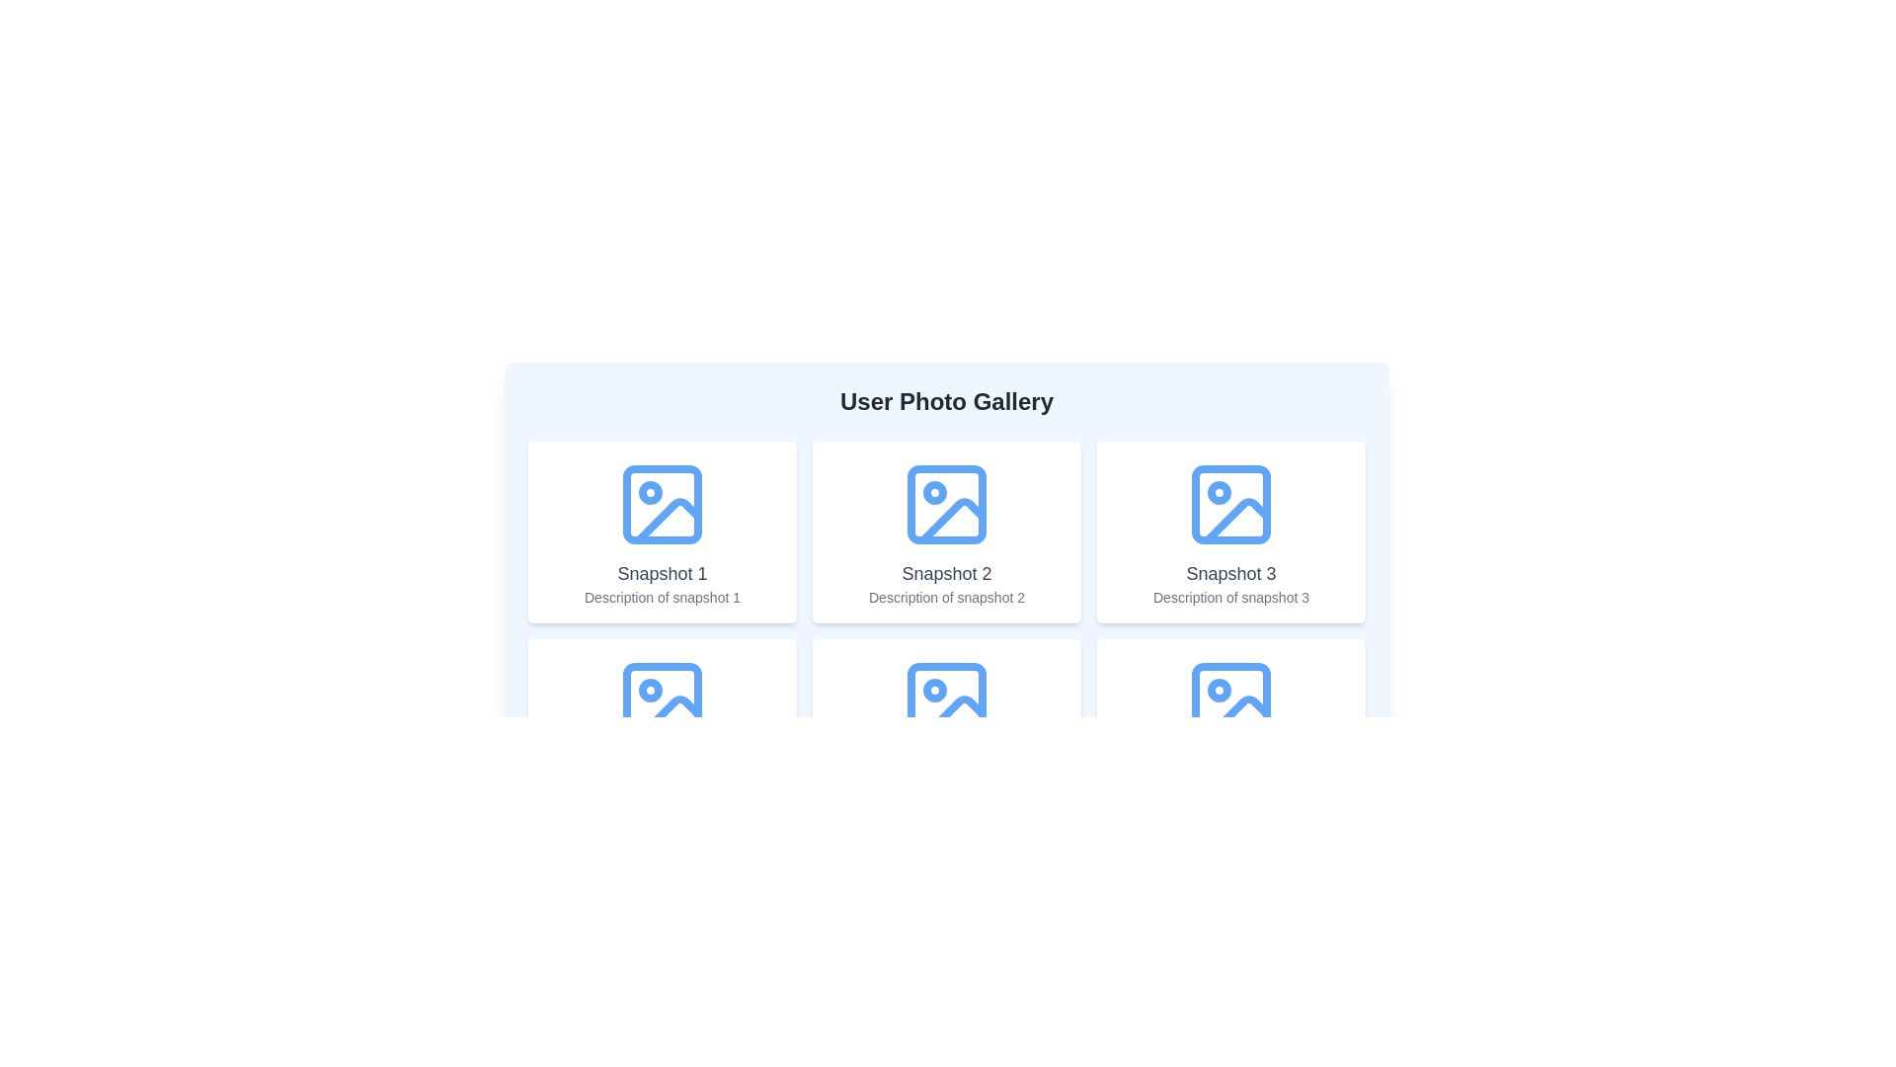  What do you see at coordinates (663, 503) in the screenshot?
I see `the blue icon representing an image located in the first card of a three-column grid, positioned above the texts 'Snapshot 1' and 'Description of snapshot 1'` at bounding box center [663, 503].